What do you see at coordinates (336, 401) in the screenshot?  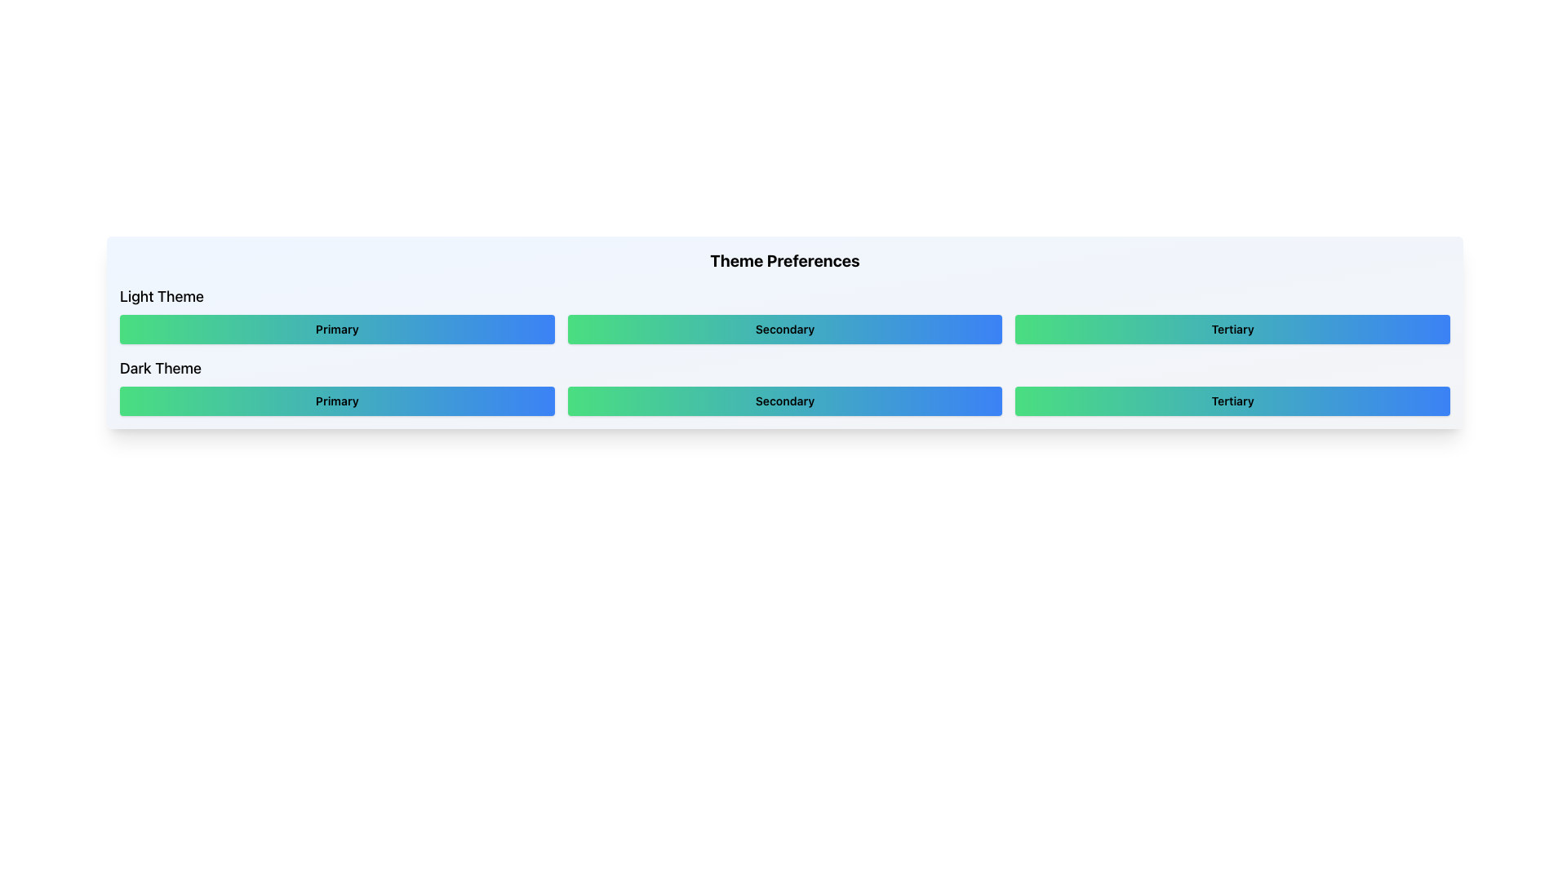 I see `the 'Primary' button with a gradient background transitioning from green to blue, located in the lower row of buttons labeled 'Dark Theme'` at bounding box center [336, 401].